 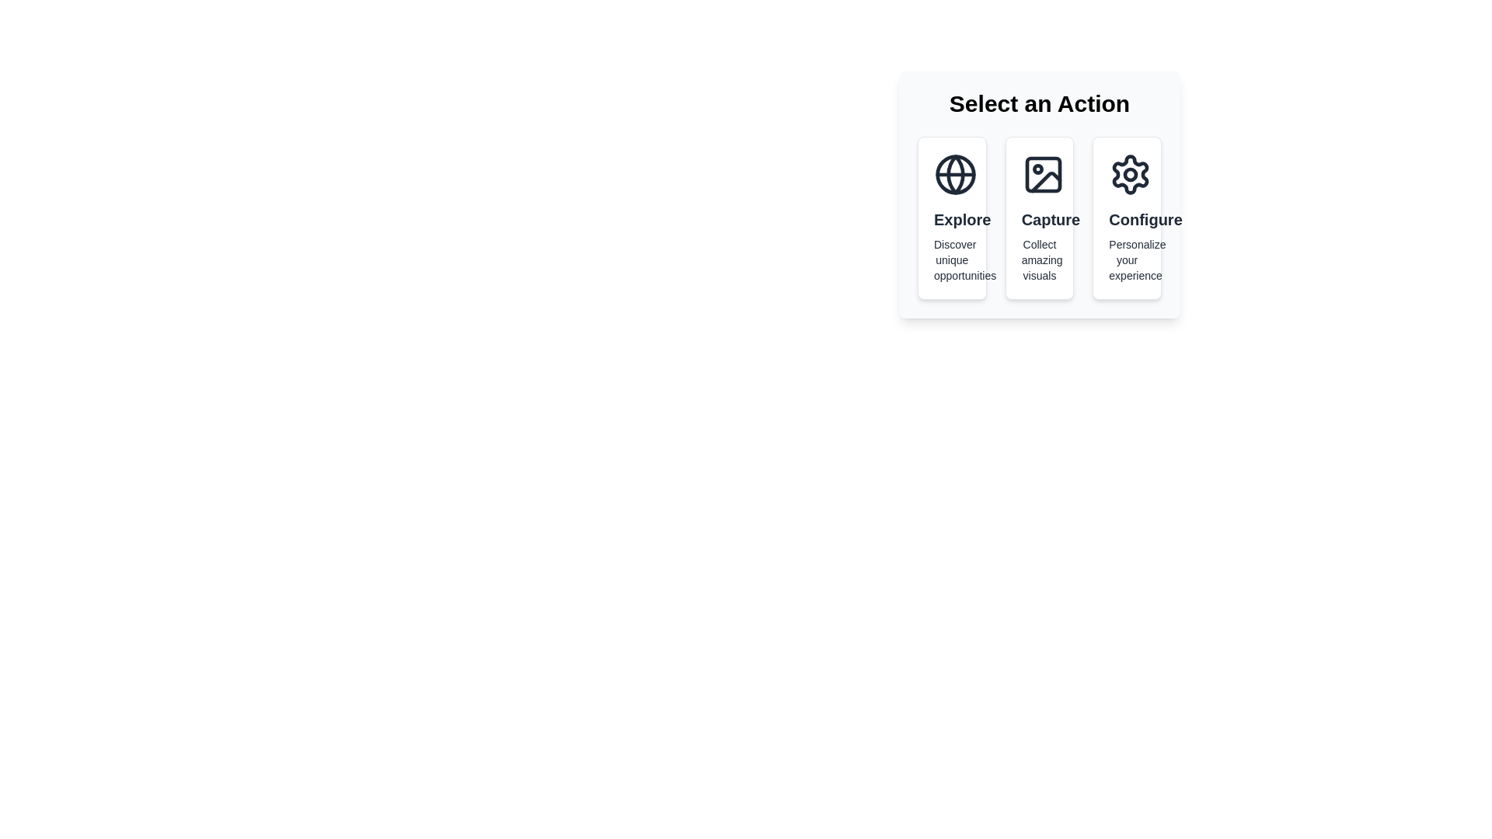 What do you see at coordinates (951, 219) in the screenshot?
I see `the bold 'Explore' text label located in the upper portion of the leftmost card under 'Select an Action', which is styled with a larger font and dark color on a light background` at bounding box center [951, 219].